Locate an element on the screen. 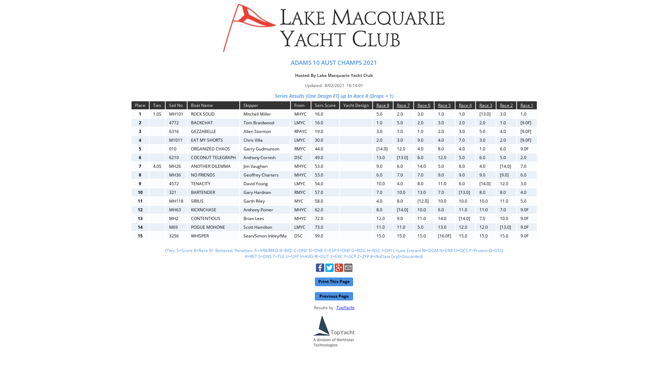 The image size is (668, 376). 'Print This Page' is located at coordinates (334, 281).